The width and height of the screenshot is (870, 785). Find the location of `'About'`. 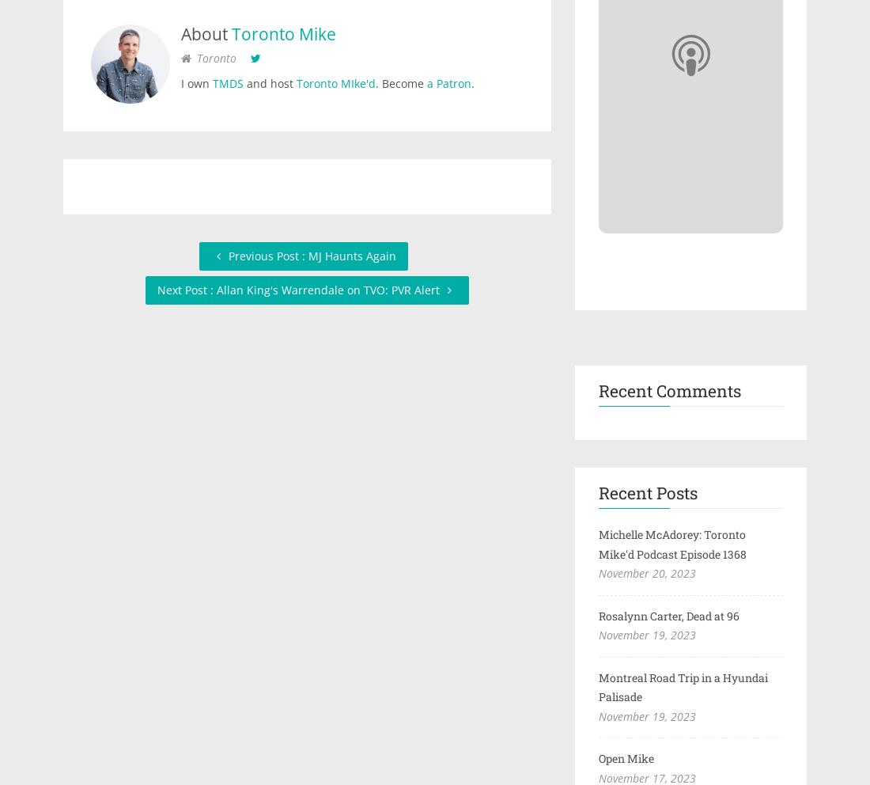

'About' is located at coordinates (206, 32).